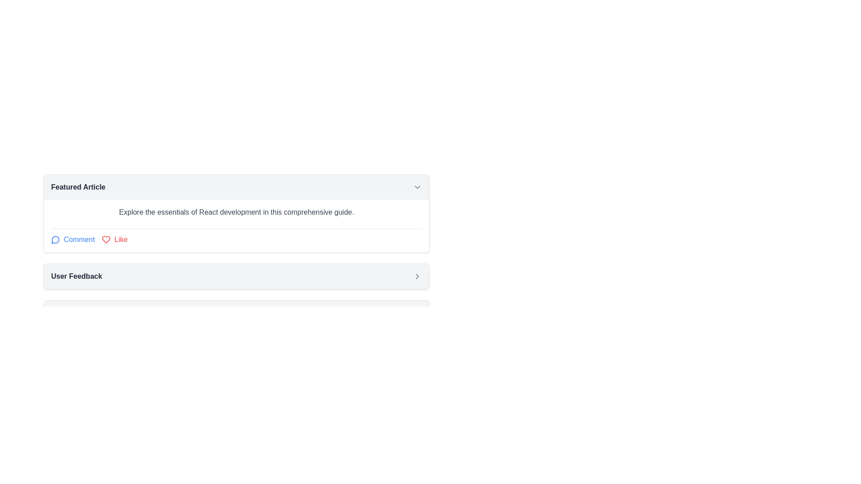 This screenshot has width=861, height=484. What do you see at coordinates (106, 239) in the screenshot?
I see `the heart-shaped hollow icon, styled in red, to like the post located in the action bar below the content titled 'Explore the essentials of React development in this comprehensive guide.'` at bounding box center [106, 239].